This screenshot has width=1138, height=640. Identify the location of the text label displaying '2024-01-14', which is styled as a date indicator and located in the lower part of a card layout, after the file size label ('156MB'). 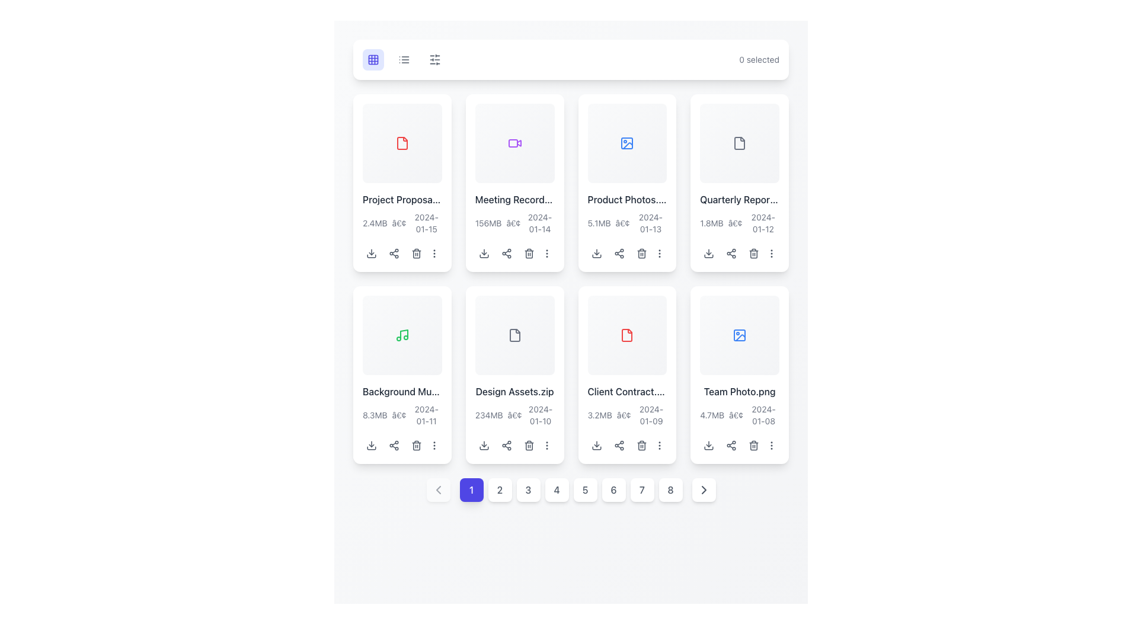
(539, 223).